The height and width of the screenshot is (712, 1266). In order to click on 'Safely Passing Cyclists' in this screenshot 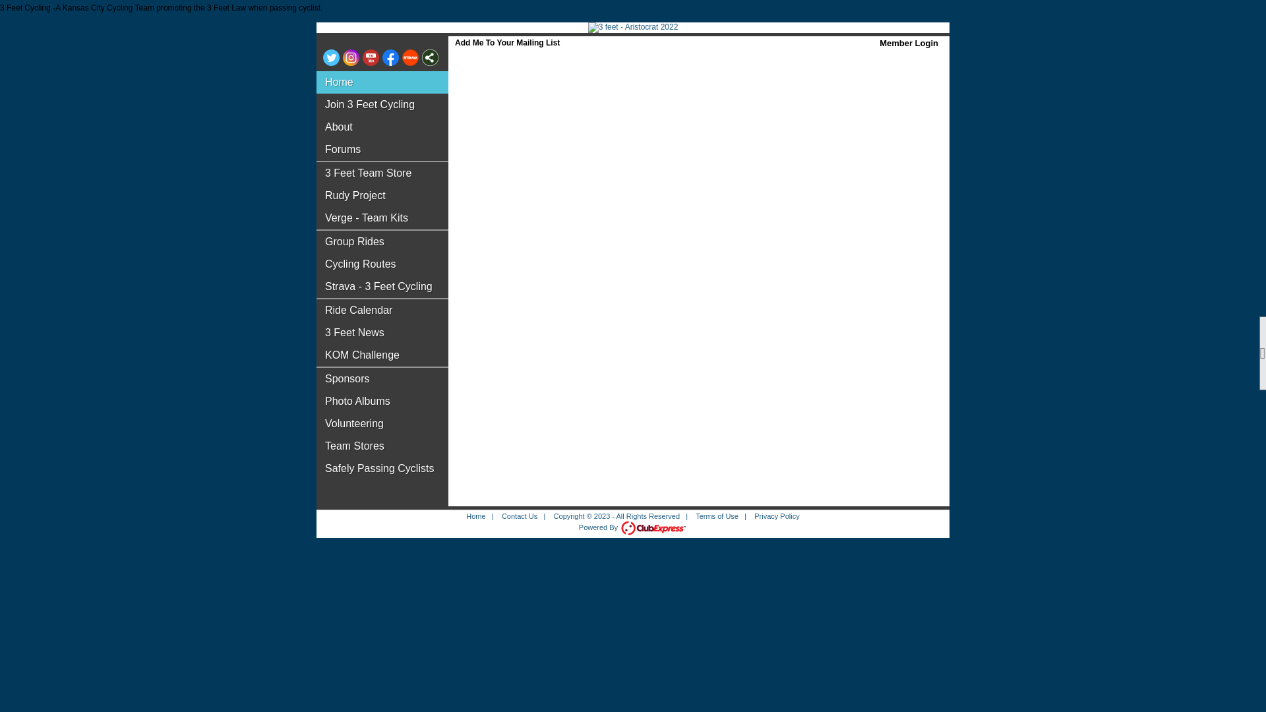, I will do `click(382, 467)`.